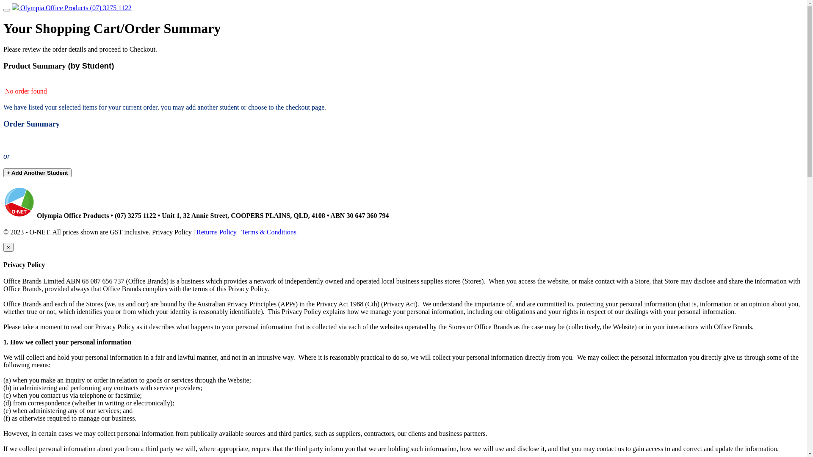 This screenshot has height=457, width=813. What do you see at coordinates (72, 8) in the screenshot?
I see `'Olympia Office Products (07) 3275 1122'` at bounding box center [72, 8].